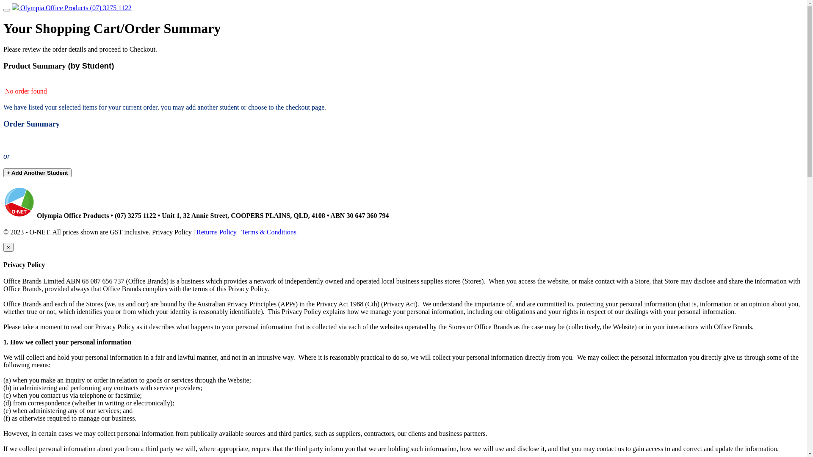 This screenshot has height=457, width=813. What do you see at coordinates (72, 8) in the screenshot?
I see `'Olympia Office Products (07) 3275 1122'` at bounding box center [72, 8].